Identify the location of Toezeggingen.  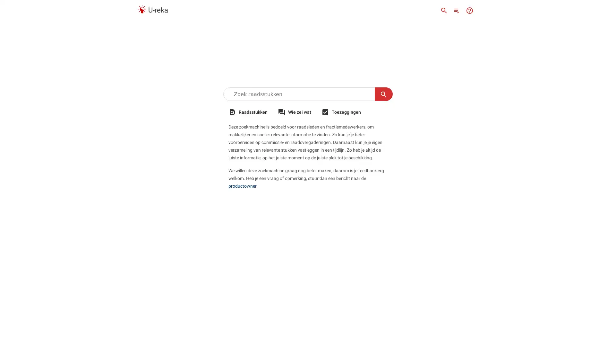
(341, 111).